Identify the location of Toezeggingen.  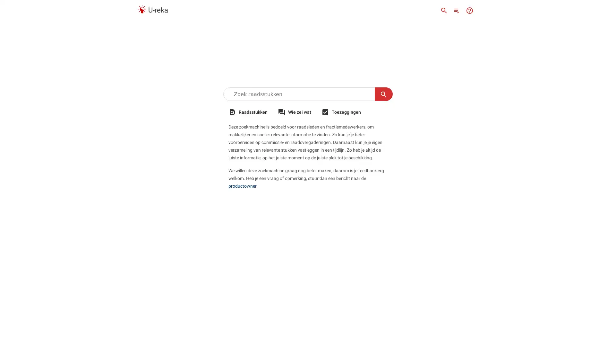
(341, 111).